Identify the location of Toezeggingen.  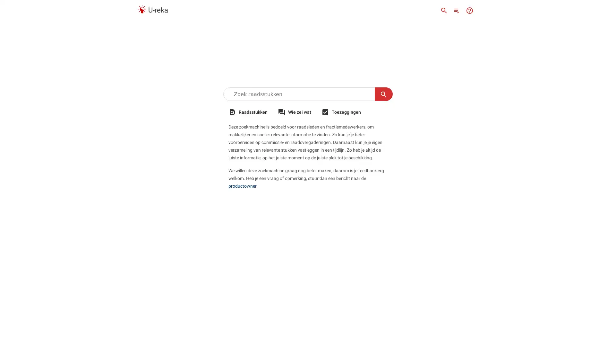
(341, 111).